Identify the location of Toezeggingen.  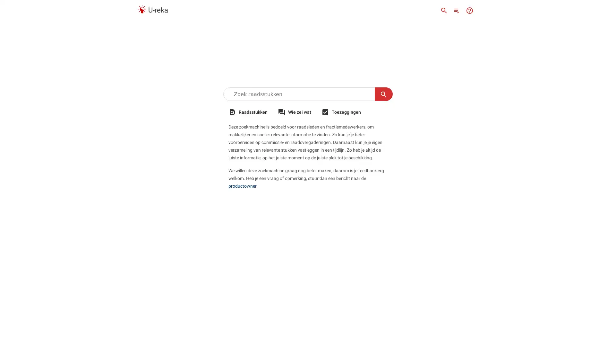
(341, 111).